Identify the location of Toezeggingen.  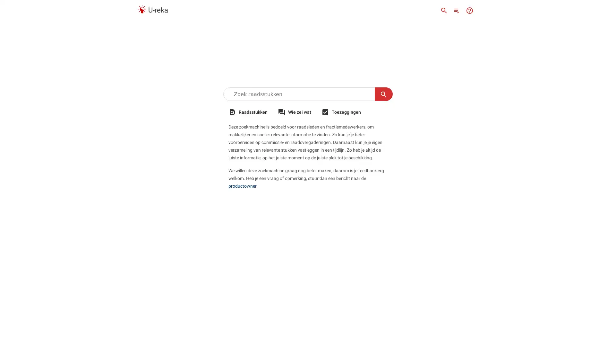
(341, 111).